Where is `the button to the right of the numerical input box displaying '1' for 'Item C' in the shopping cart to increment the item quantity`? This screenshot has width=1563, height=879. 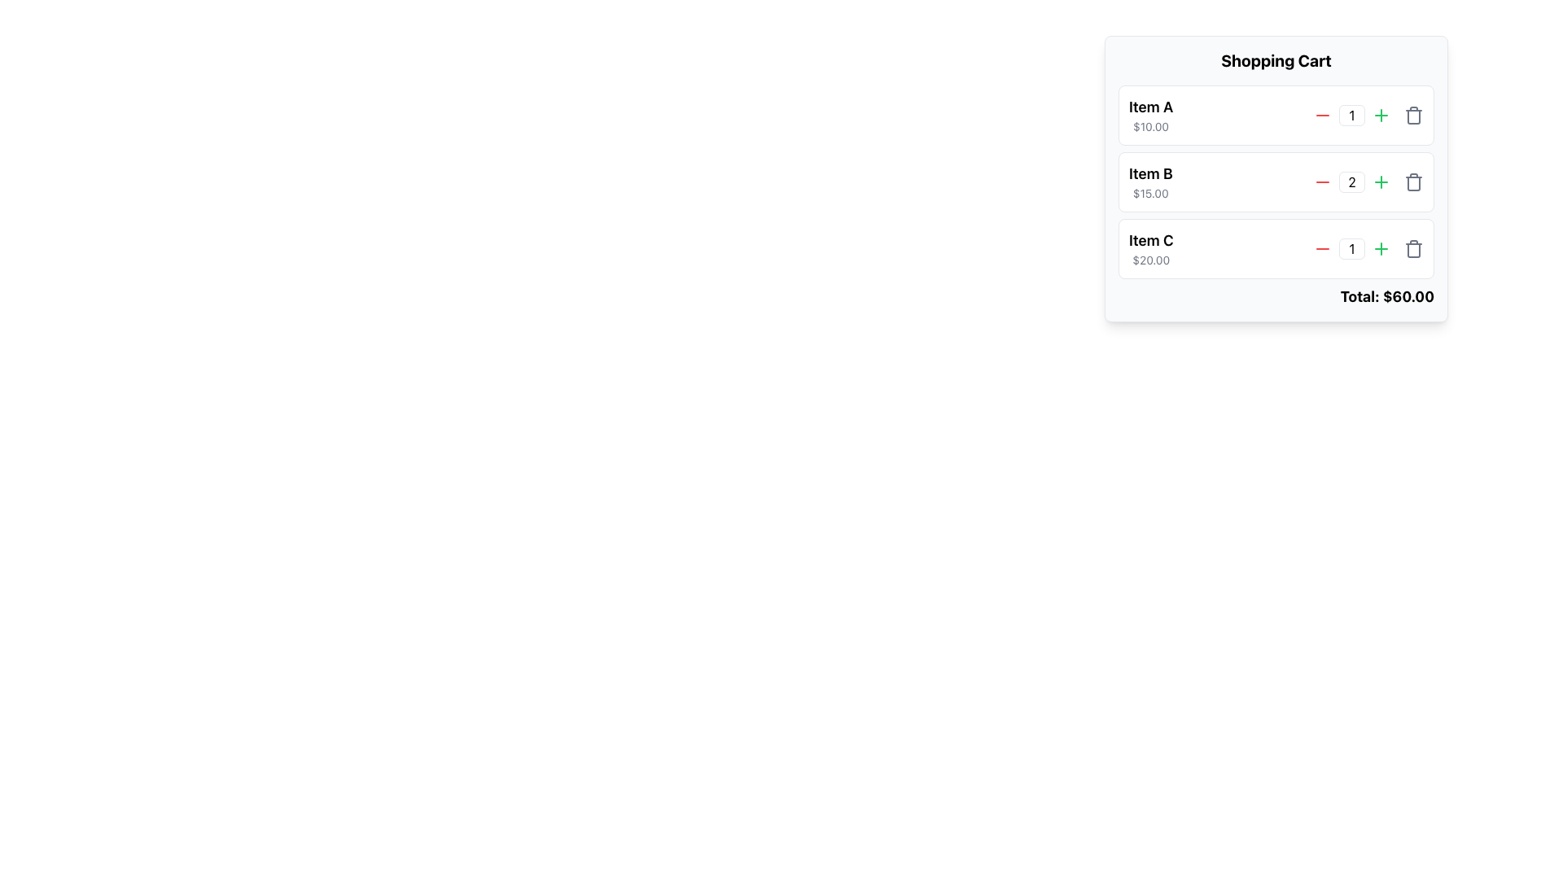 the button to the right of the numerical input box displaying '1' for 'Item C' in the shopping cart to increment the item quantity is located at coordinates (1381, 248).